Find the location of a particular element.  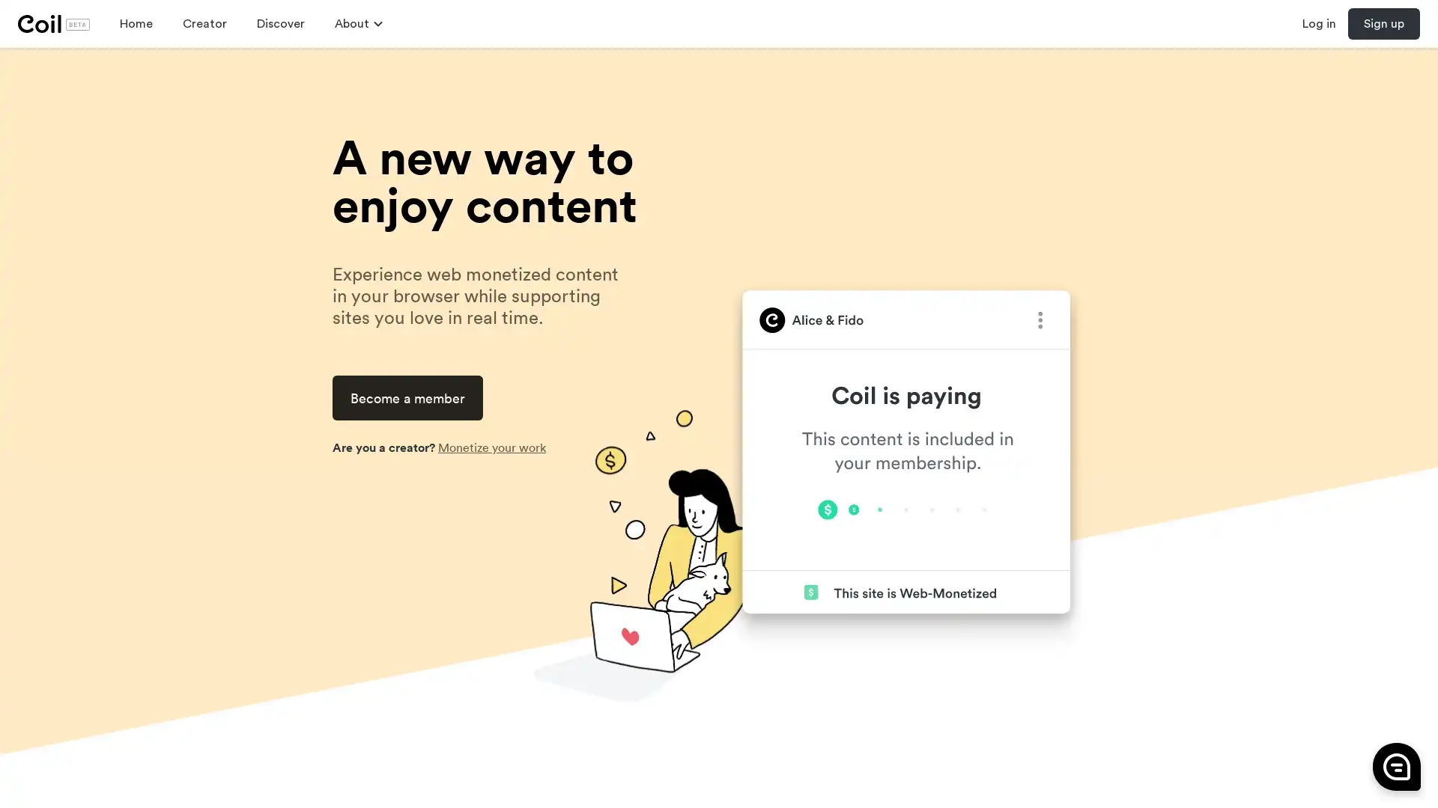

Sign up is located at coordinates (1383, 23).